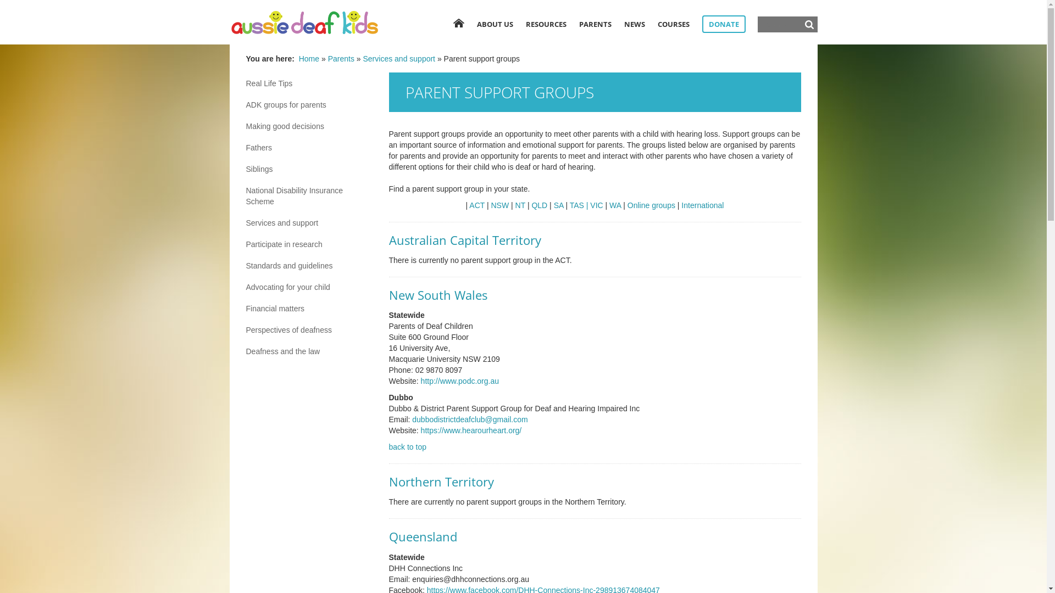 The image size is (1055, 593). What do you see at coordinates (559, 205) in the screenshot?
I see `'SA'` at bounding box center [559, 205].